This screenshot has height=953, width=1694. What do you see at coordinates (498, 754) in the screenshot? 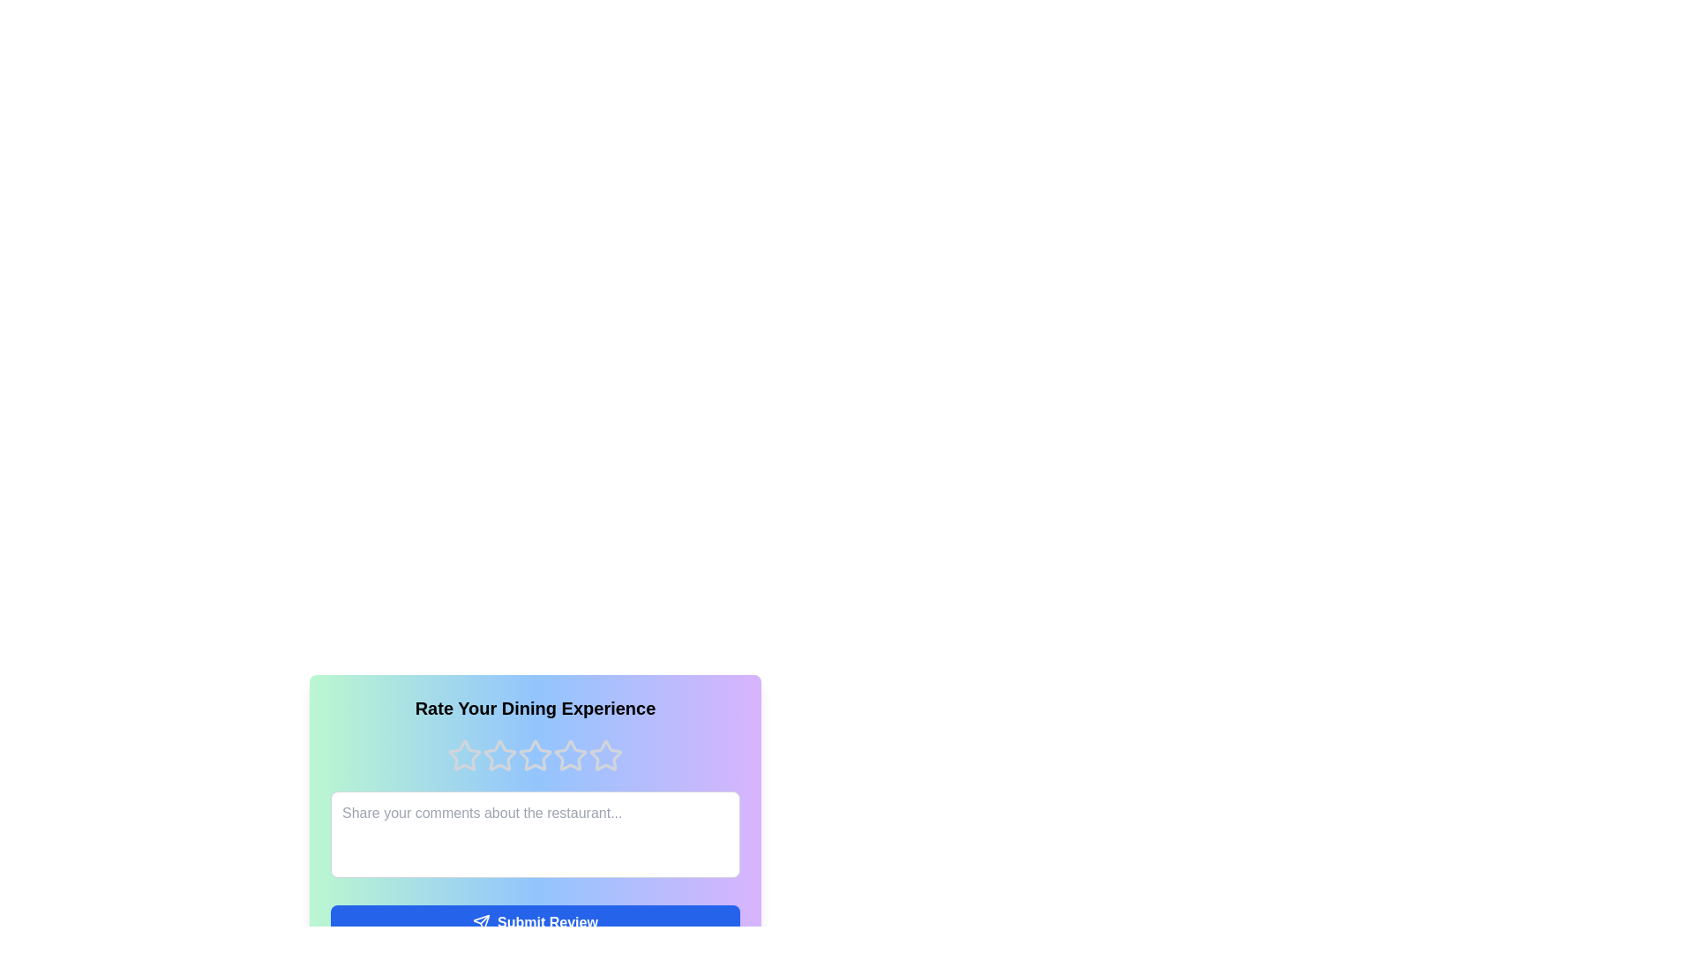
I see `the second star icon in the rating system` at bounding box center [498, 754].